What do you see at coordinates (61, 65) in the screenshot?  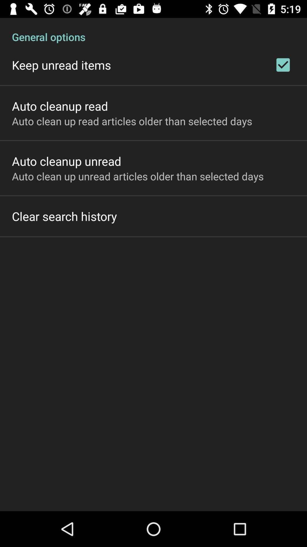 I see `the keep unread items` at bounding box center [61, 65].